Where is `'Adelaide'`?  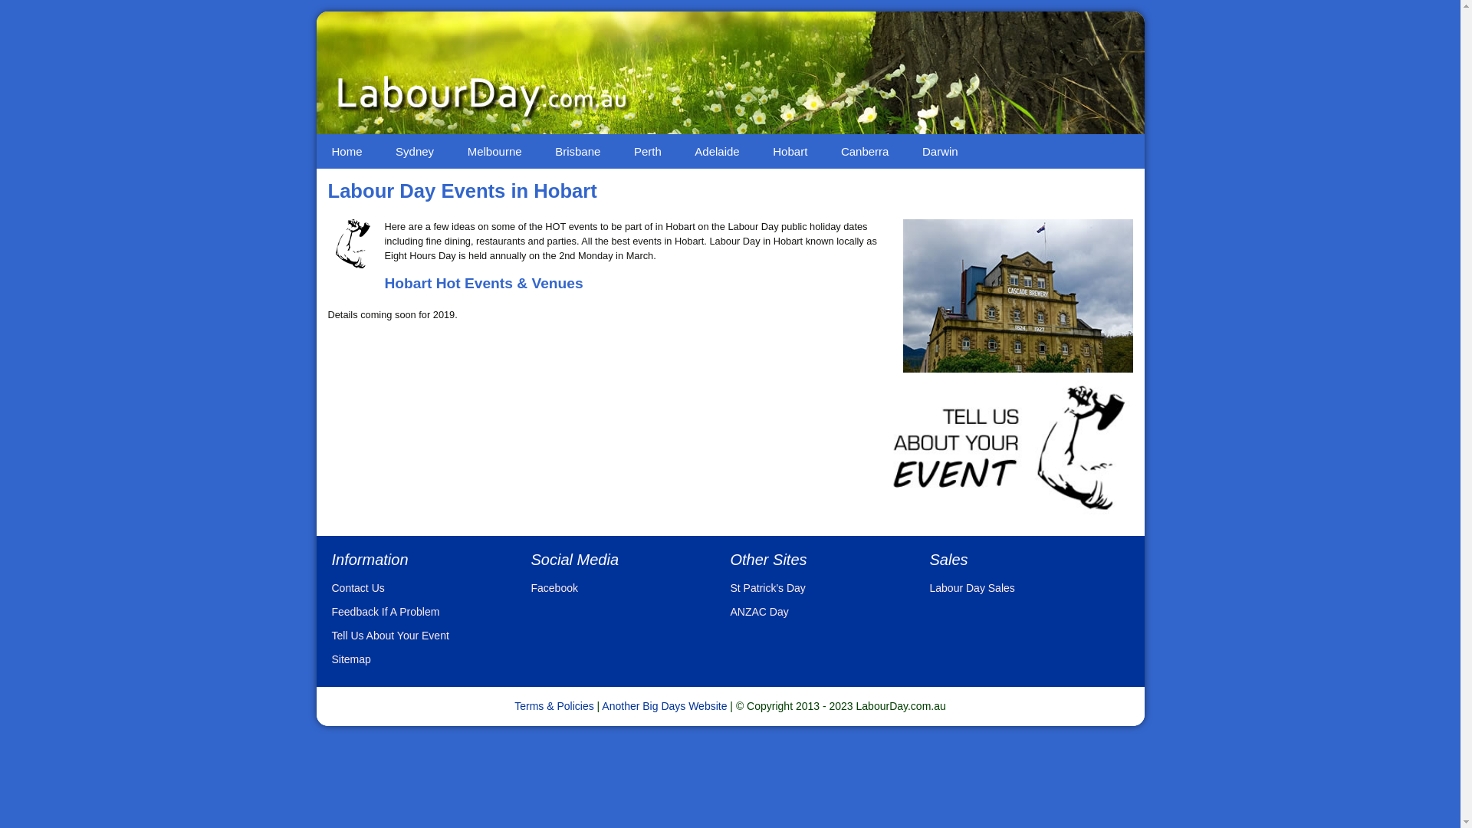 'Adelaide' is located at coordinates (716, 151).